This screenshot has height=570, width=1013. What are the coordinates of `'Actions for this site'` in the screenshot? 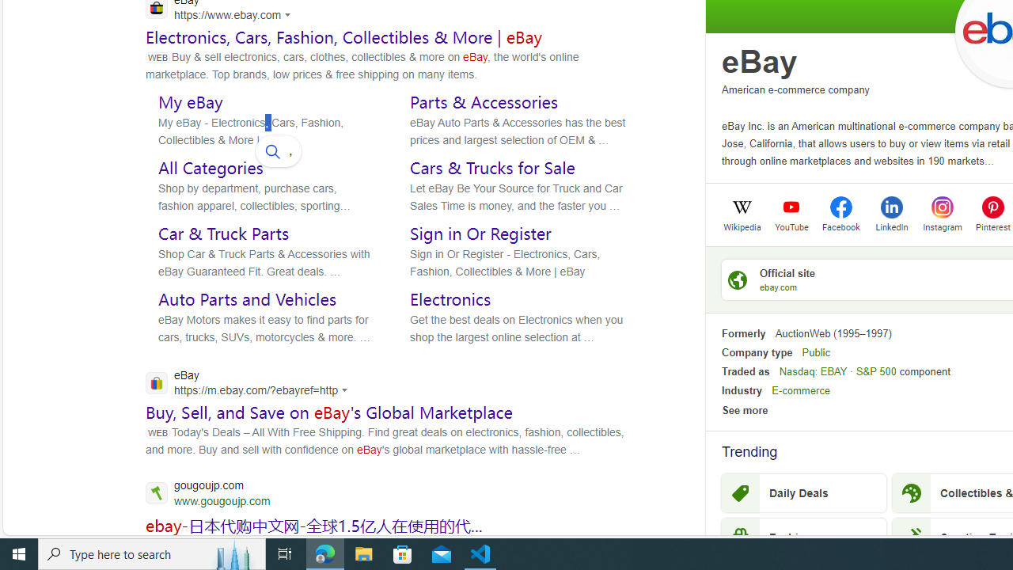 It's located at (347, 390).